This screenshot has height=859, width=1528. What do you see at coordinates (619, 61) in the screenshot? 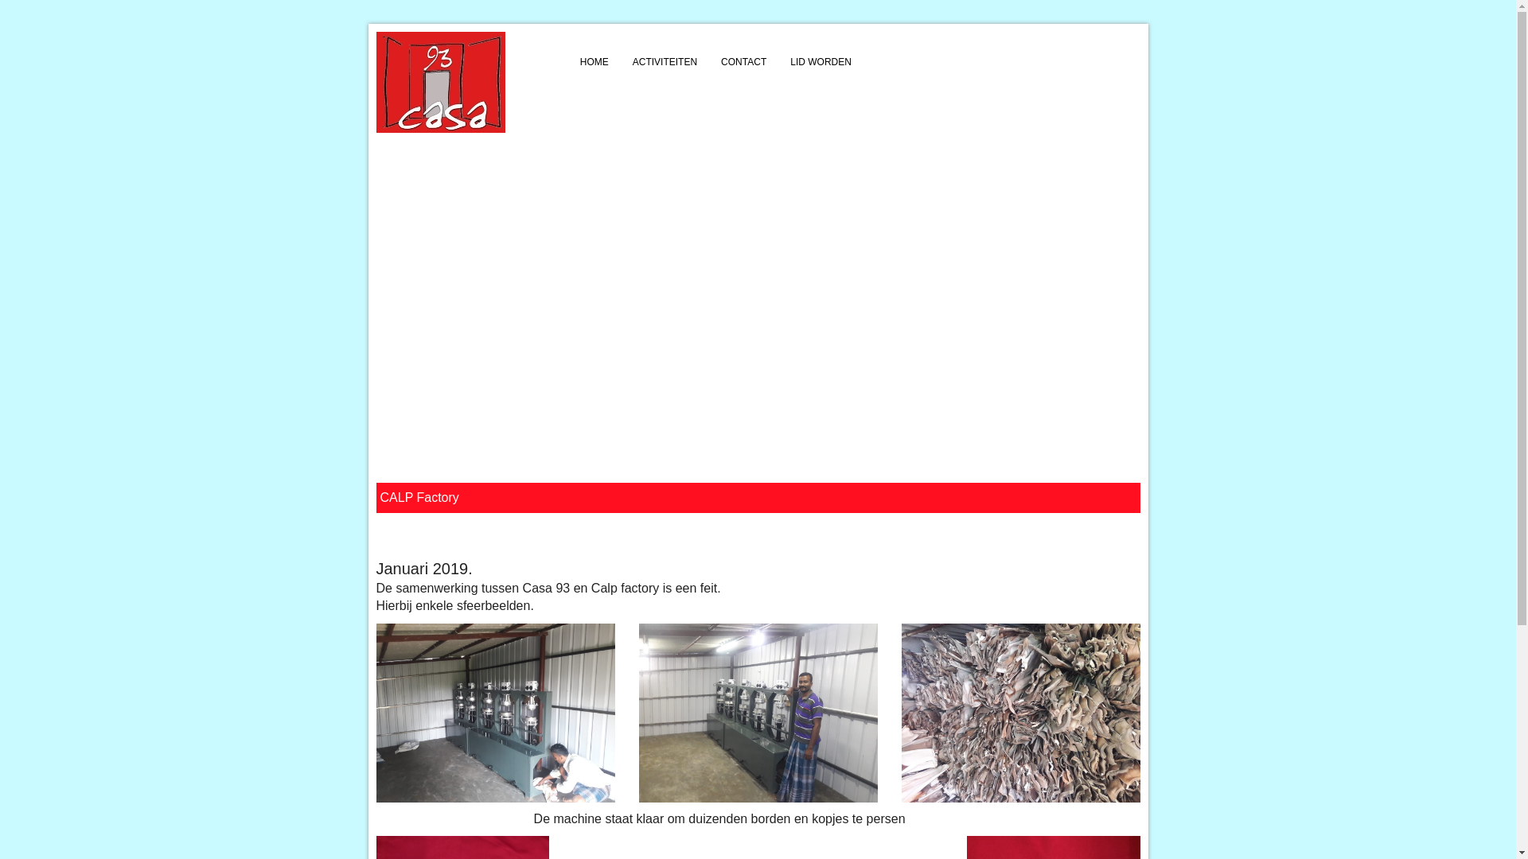
I see `'ACTIVITEITEN'` at bounding box center [619, 61].